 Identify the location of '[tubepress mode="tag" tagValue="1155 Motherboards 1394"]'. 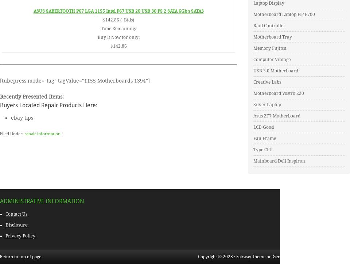
(75, 80).